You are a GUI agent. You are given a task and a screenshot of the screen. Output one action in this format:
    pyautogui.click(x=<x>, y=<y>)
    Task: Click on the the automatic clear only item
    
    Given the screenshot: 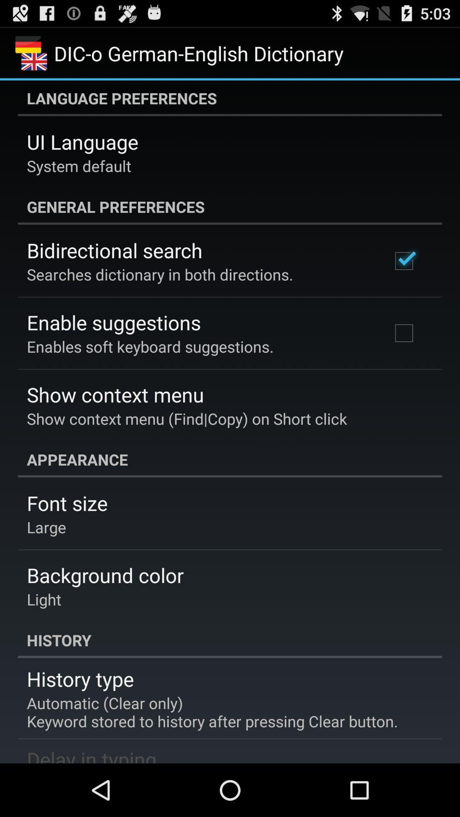 What is the action you would take?
    pyautogui.click(x=212, y=712)
    